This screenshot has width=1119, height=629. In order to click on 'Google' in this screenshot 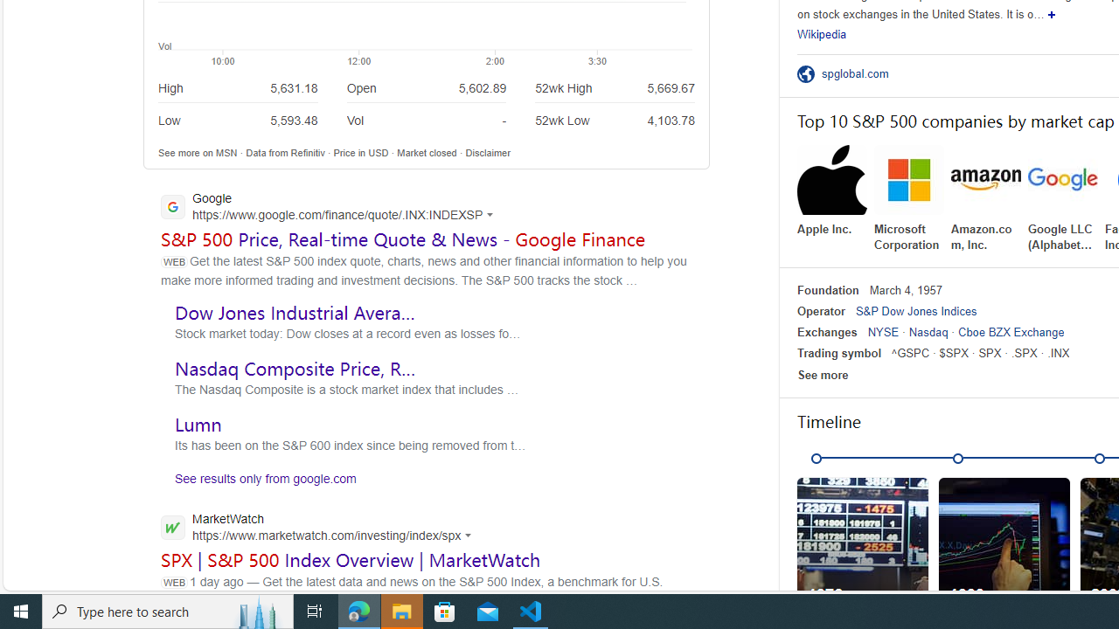, I will do `click(332, 207)`.